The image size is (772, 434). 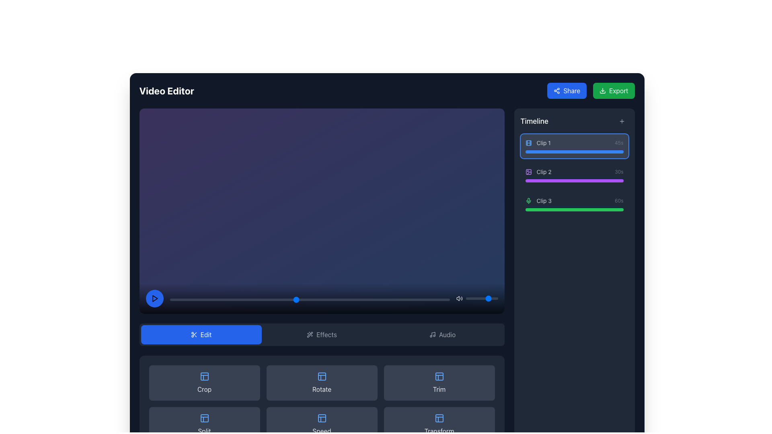 What do you see at coordinates (439, 382) in the screenshot?
I see `the 'Trim' button located in the third column of the first row within a grid of six buttons to observe the background color change` at bounding box center [439, 382].